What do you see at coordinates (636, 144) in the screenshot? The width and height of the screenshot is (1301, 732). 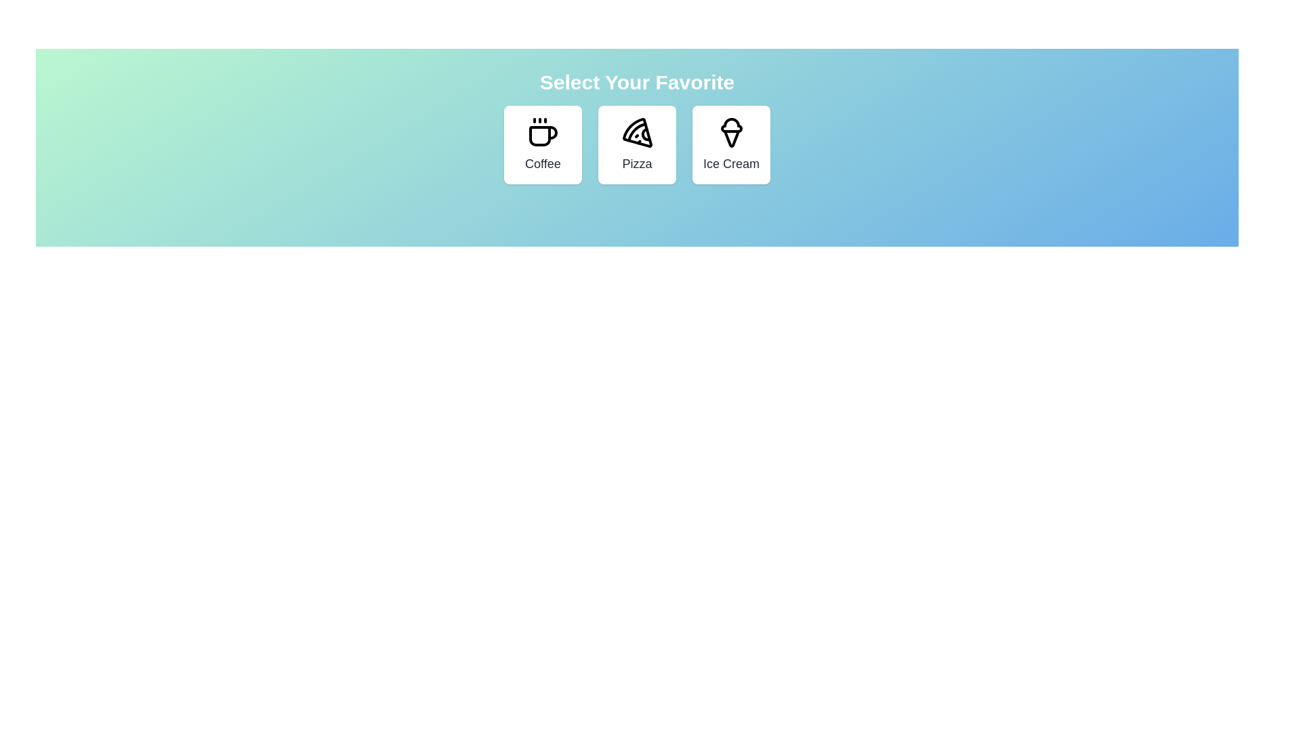 I see `the second card in the grid labeled 'Pizza'` at bounding box center [636, 144].